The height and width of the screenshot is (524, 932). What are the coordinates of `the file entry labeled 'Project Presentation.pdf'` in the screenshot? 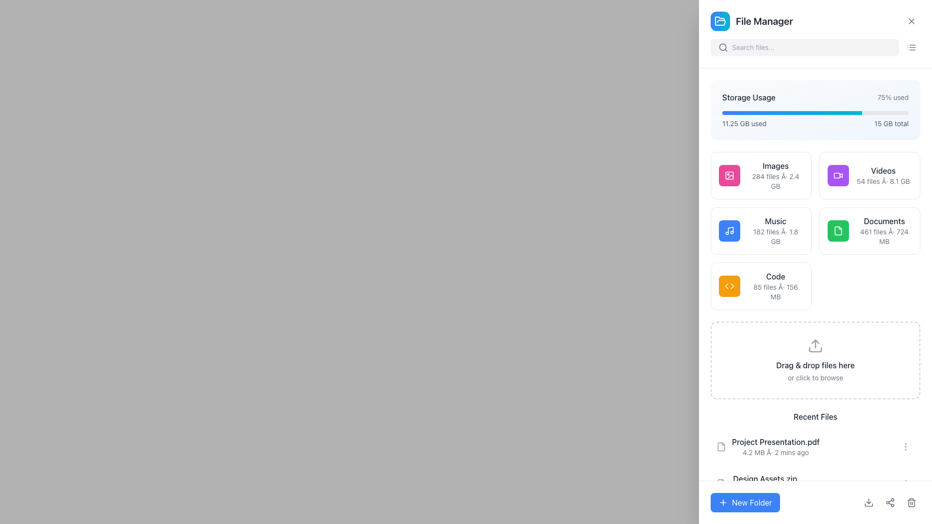 It's located at (815, 447).